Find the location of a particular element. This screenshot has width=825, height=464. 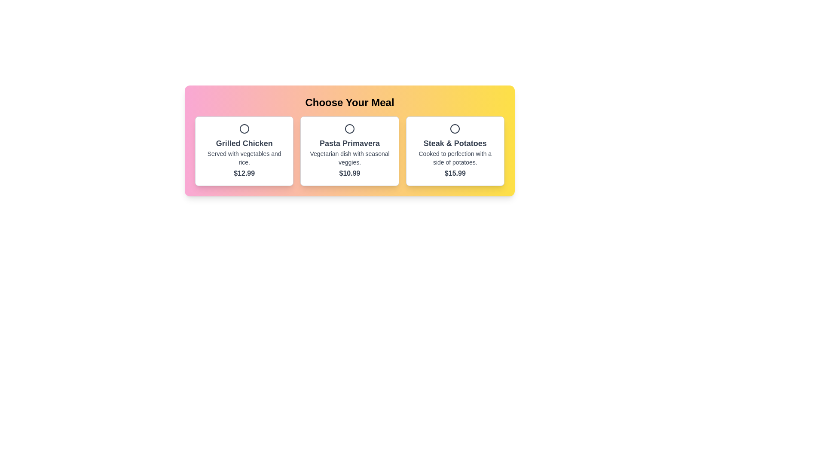

the circular indicator or radio button located at the top center of the 'Grilled Chicken' card is located at coordinates (244, 129).